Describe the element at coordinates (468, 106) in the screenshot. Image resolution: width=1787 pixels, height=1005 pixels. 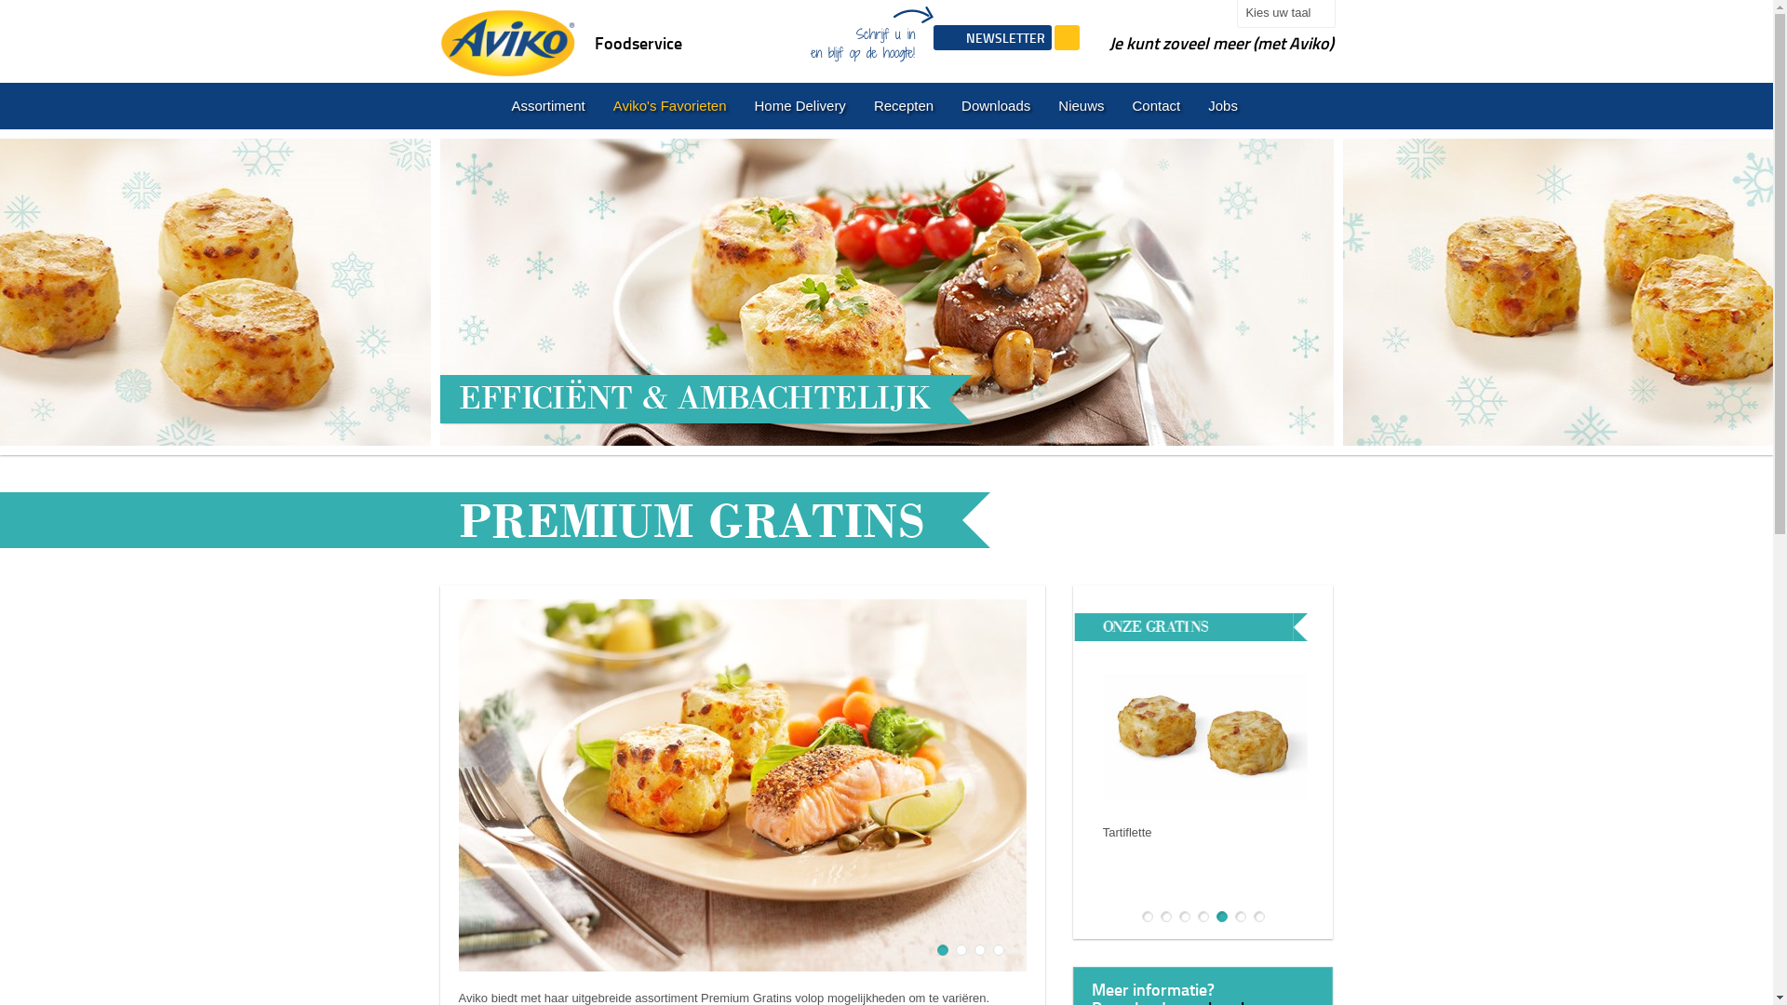
I see `'nl'` at that location.